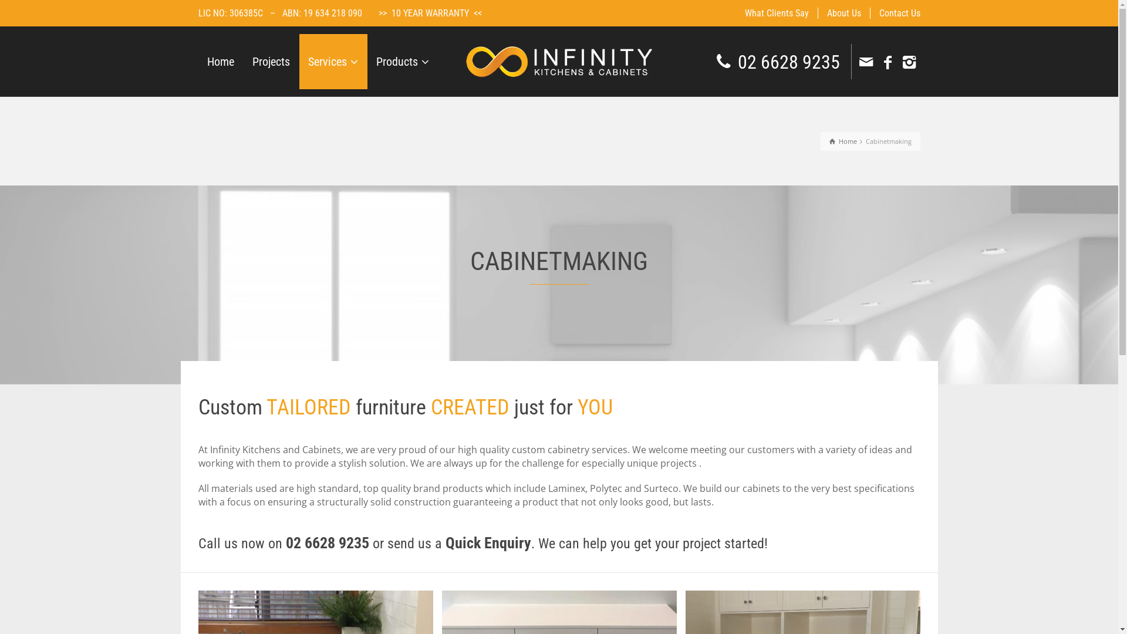  What do you see at coordinates (270, 61) in the screenshot?
I see `'Projects'` at bounding box center [270, 61].